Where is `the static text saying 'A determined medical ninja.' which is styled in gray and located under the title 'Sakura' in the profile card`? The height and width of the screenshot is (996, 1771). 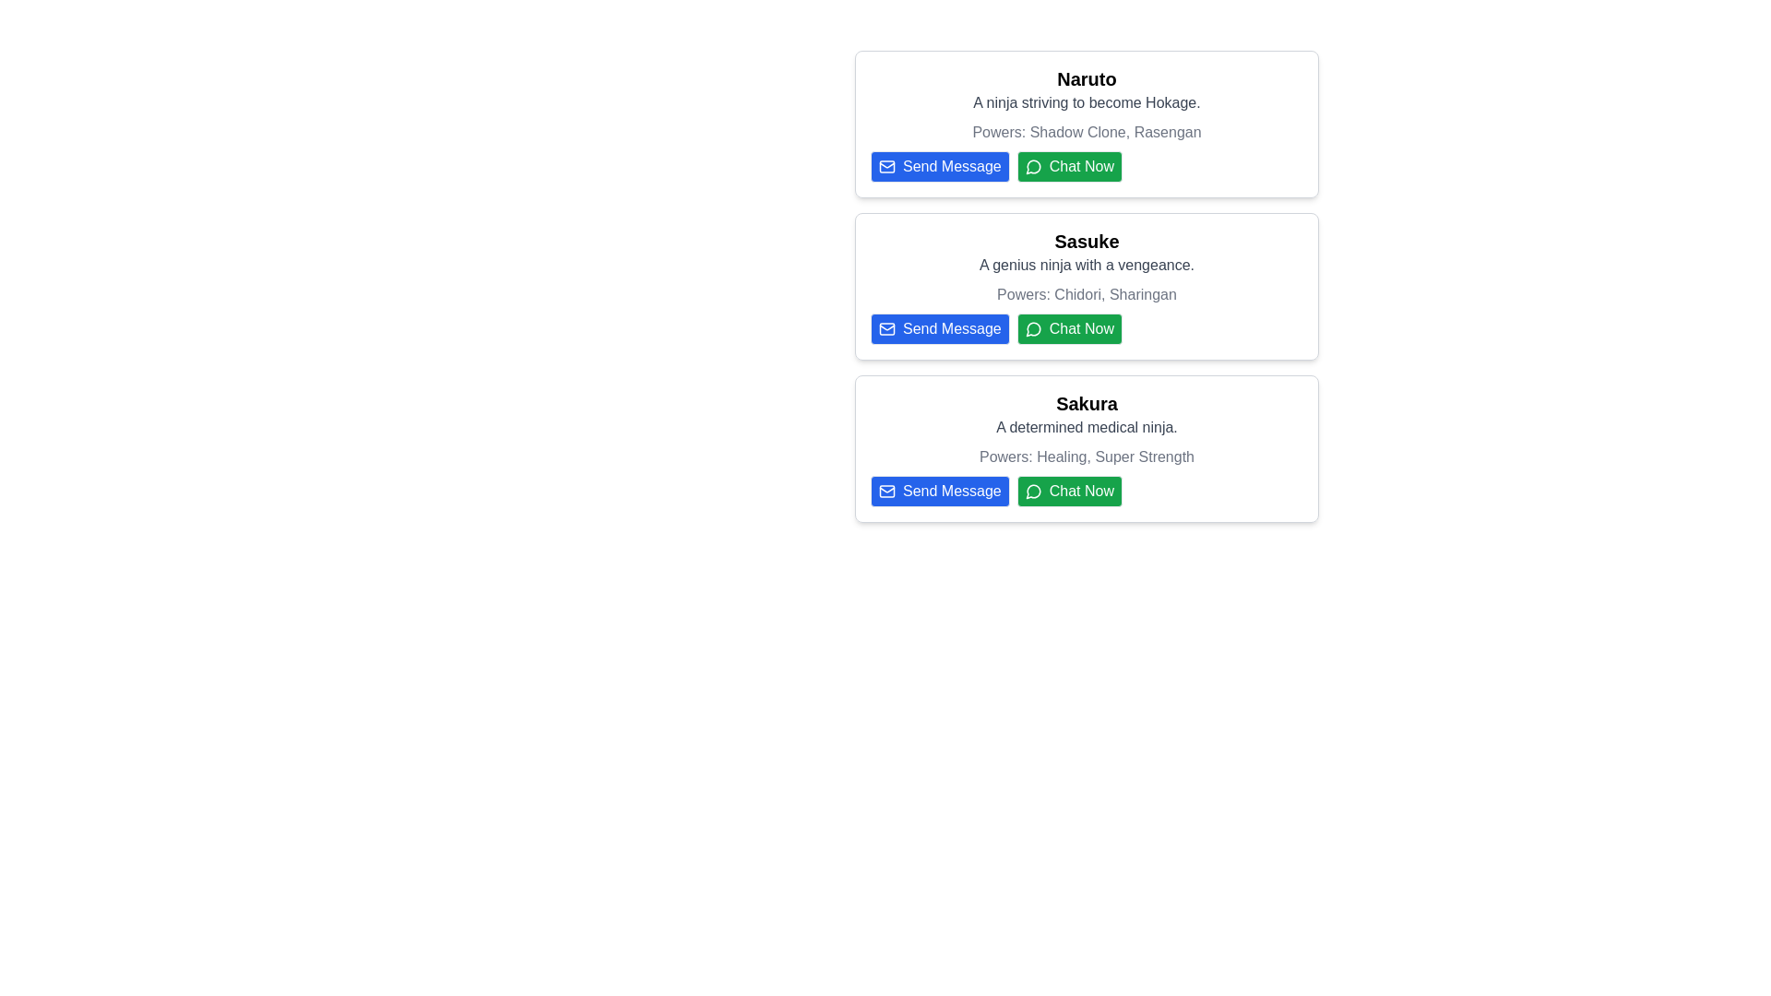
the static text saying 'A determined medical ninja.' which is styled in gray and located under the title 'Sakura' in the profile card is located at coordinates (1087, 427).